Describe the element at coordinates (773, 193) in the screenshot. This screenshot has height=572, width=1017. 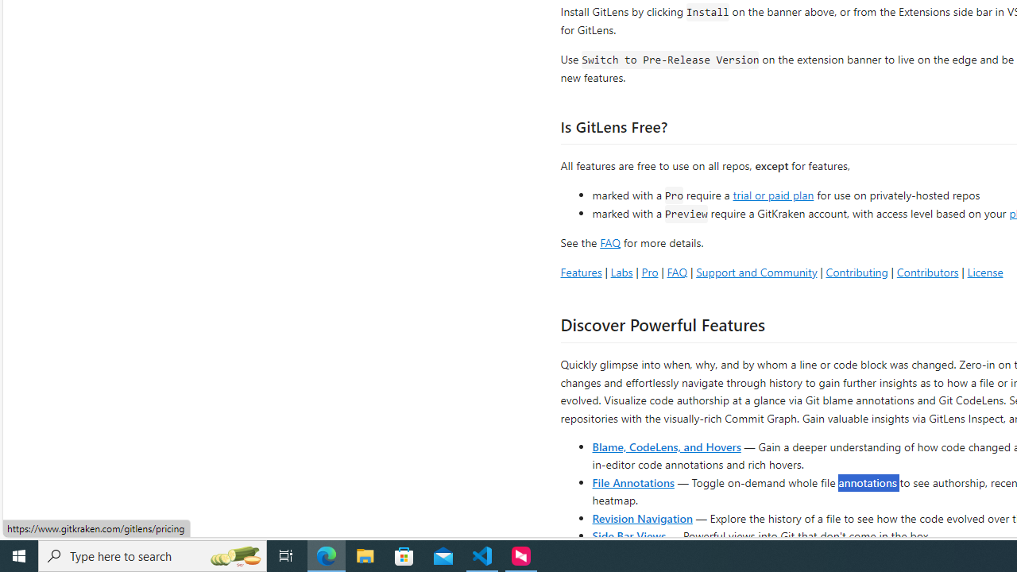
I see `'trial or paid plan'` at that location.